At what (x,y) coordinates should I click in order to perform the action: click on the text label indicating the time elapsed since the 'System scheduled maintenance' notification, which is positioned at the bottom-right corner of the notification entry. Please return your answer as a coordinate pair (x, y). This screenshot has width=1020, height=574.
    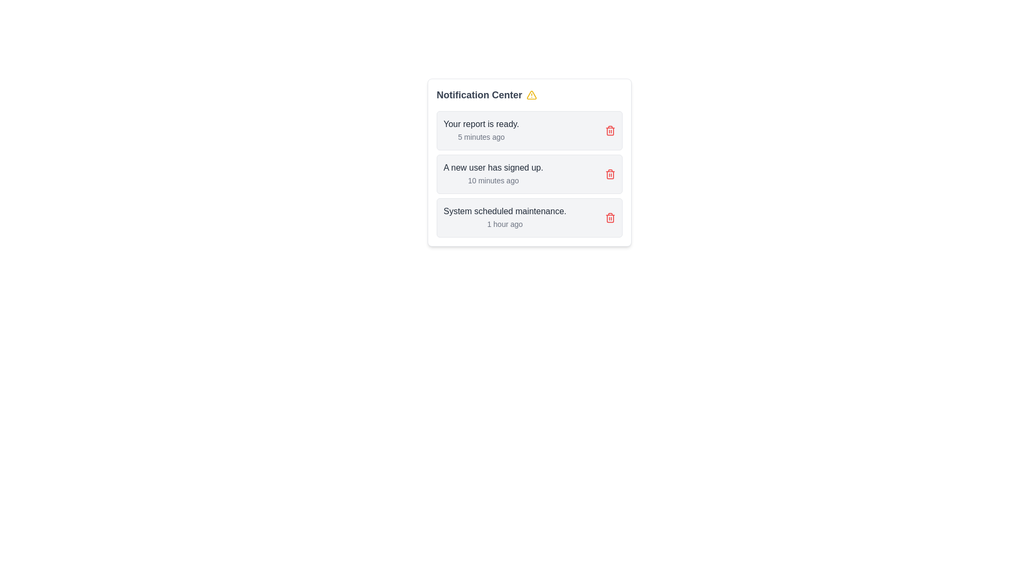
    Looking at the image, I should click on (504, 223).